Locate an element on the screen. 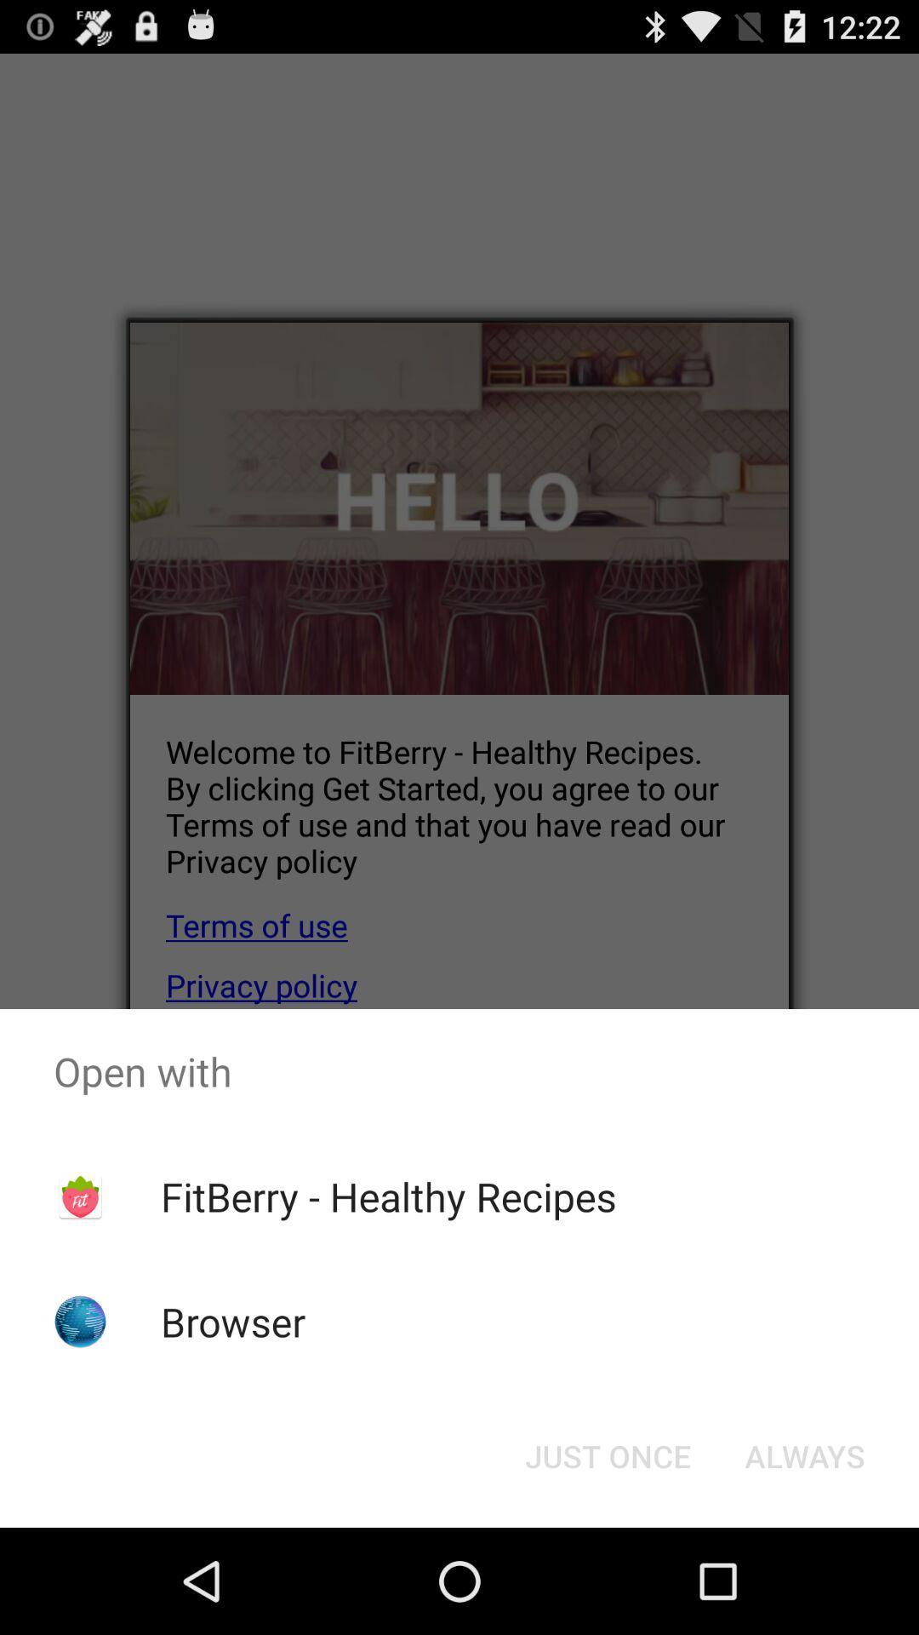  the item below open with icon is located at coordinates (388, 1196).